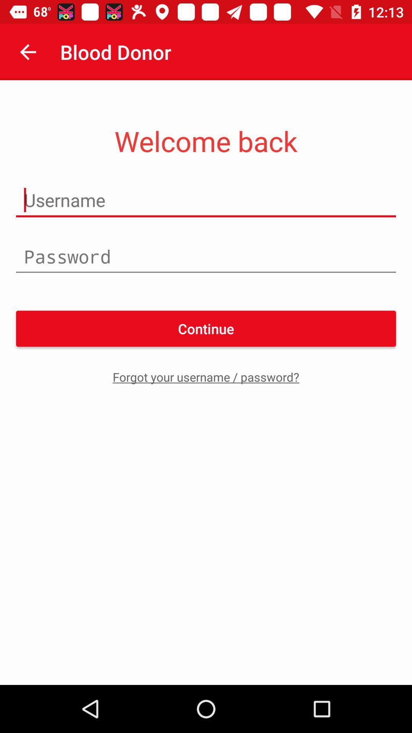 This screenshot has height=733, width=412. What do you see at coordinates (206, 328) in the screenshot?
I see `the icon above forgot your username item` at bounding box center [206, 328].